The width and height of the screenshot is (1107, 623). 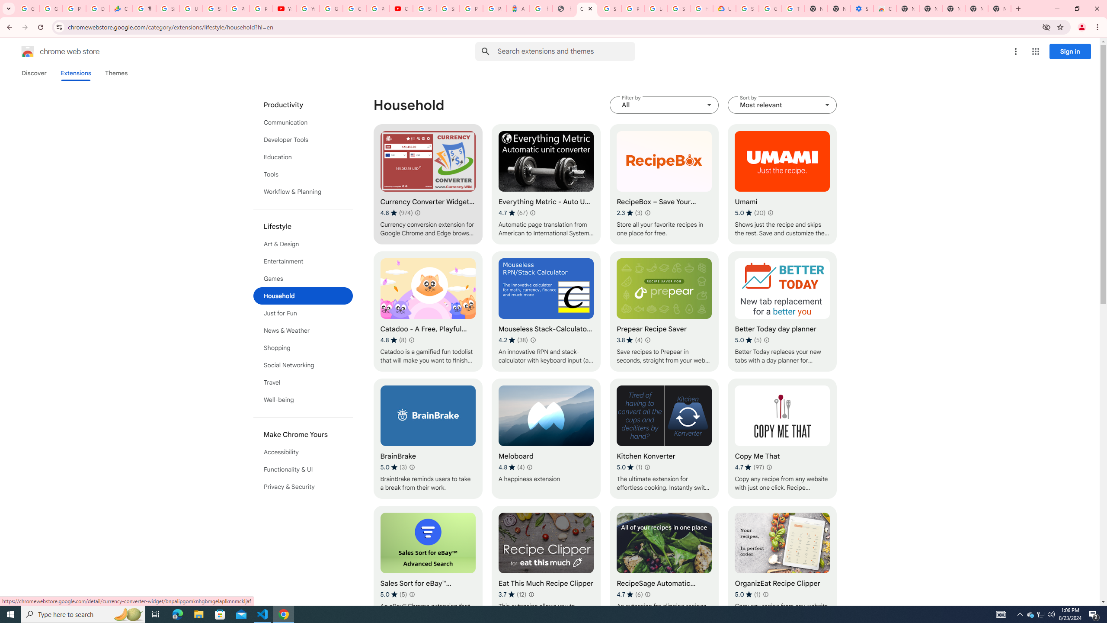 I want to click on 'Learn more about results and reviews "Umami"', so click(x=770, y=212).